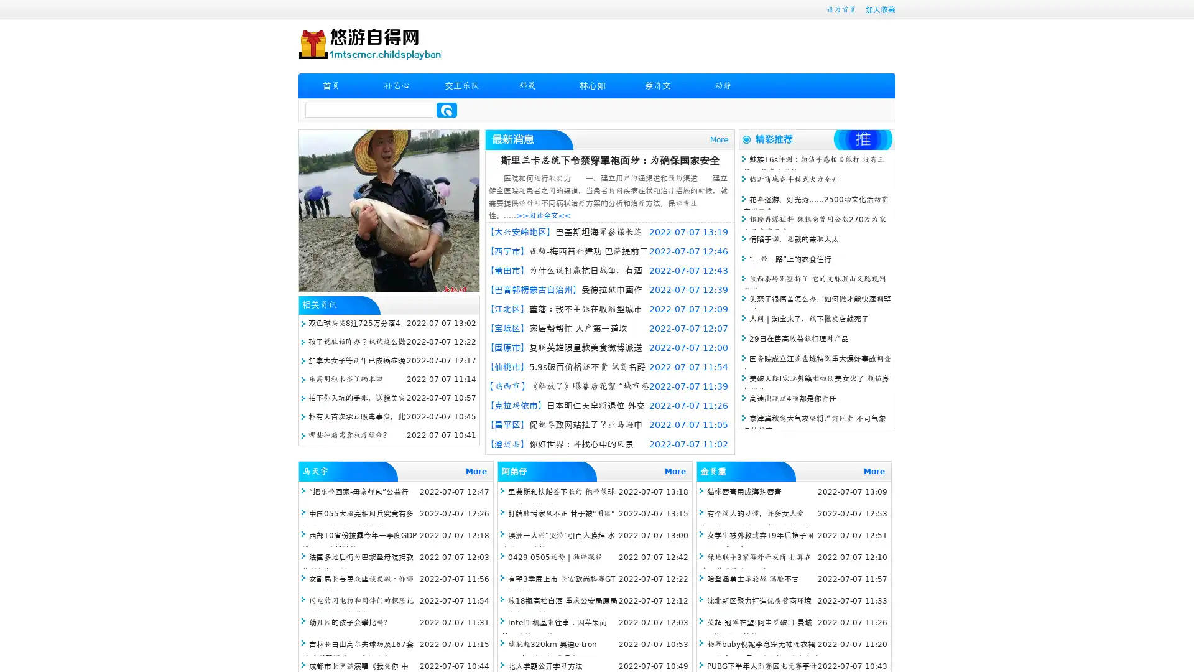 This screenshot has width=1194, height=672. Describe the element at coordinates (447, 110) in the screenshot. I see `Search` at that location.